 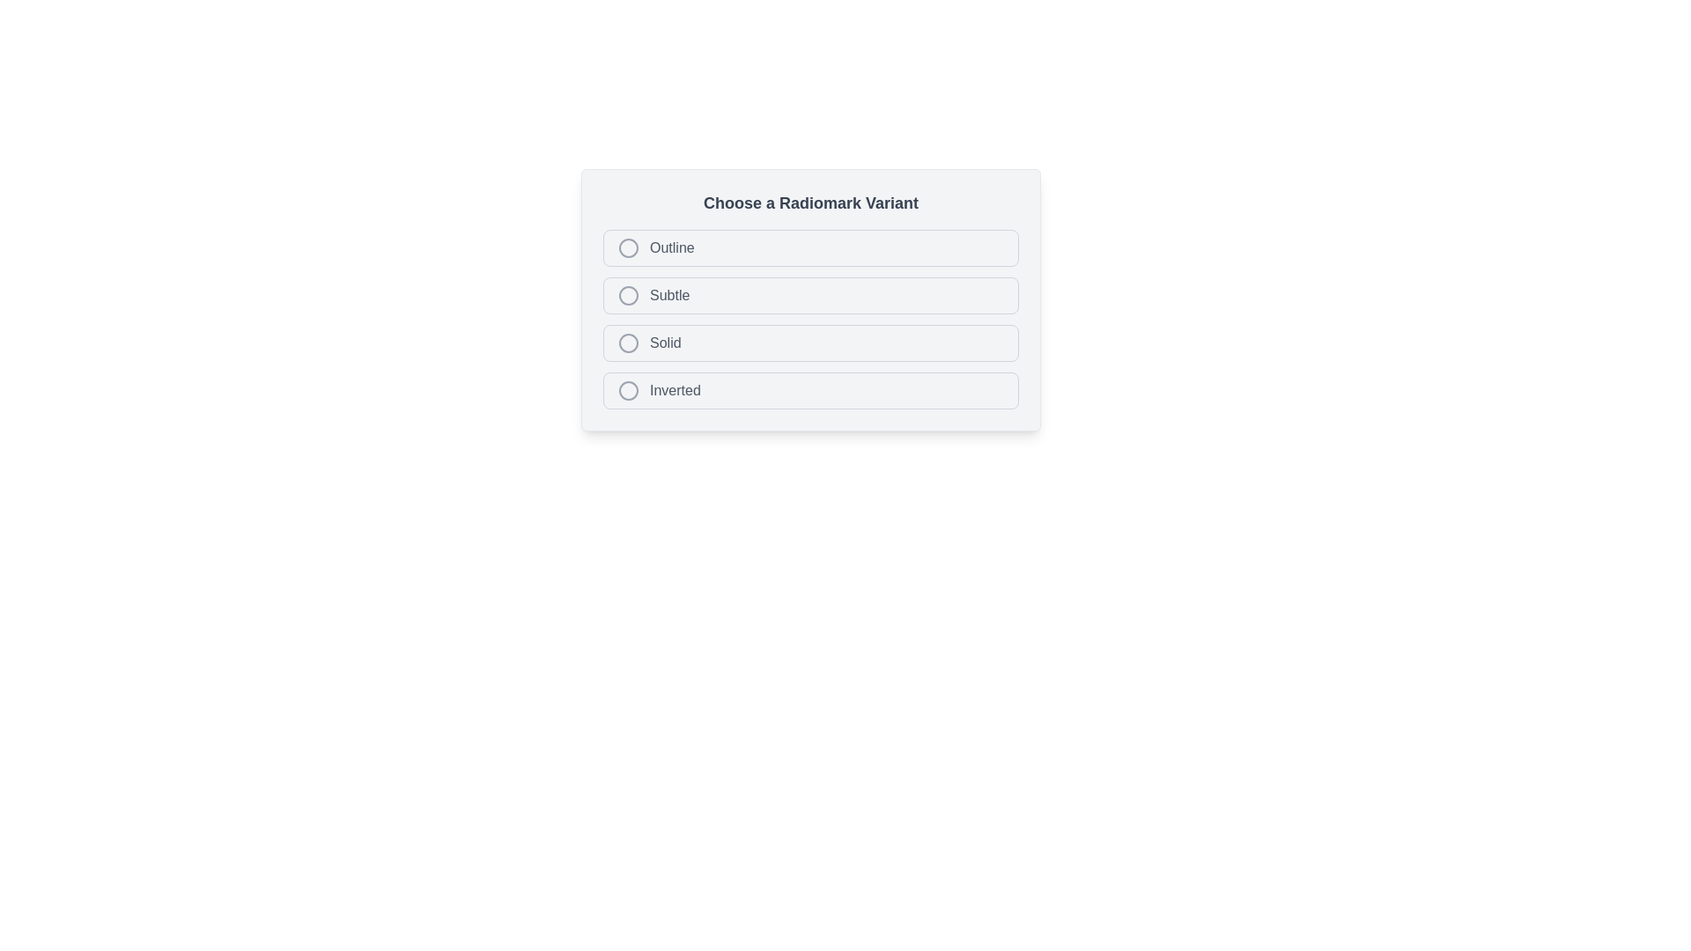 I want to click on the 'Solid' radio button option, which is the third choice in a vertically stacked group, so click(x=810, y=343).